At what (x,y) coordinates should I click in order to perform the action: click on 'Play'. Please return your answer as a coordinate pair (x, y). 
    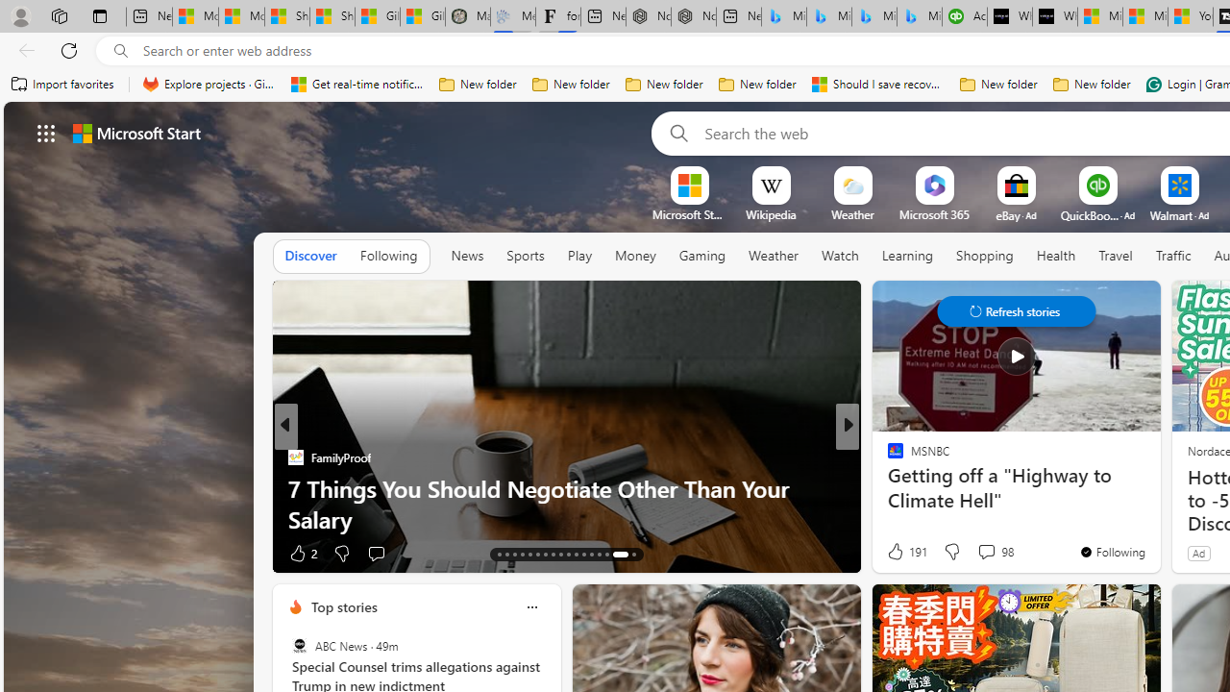
    Looking at the image, I should click on (578, 255).